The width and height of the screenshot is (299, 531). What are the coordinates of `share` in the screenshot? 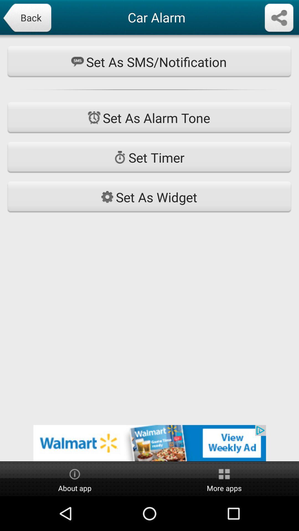 It's located at (279, 18).